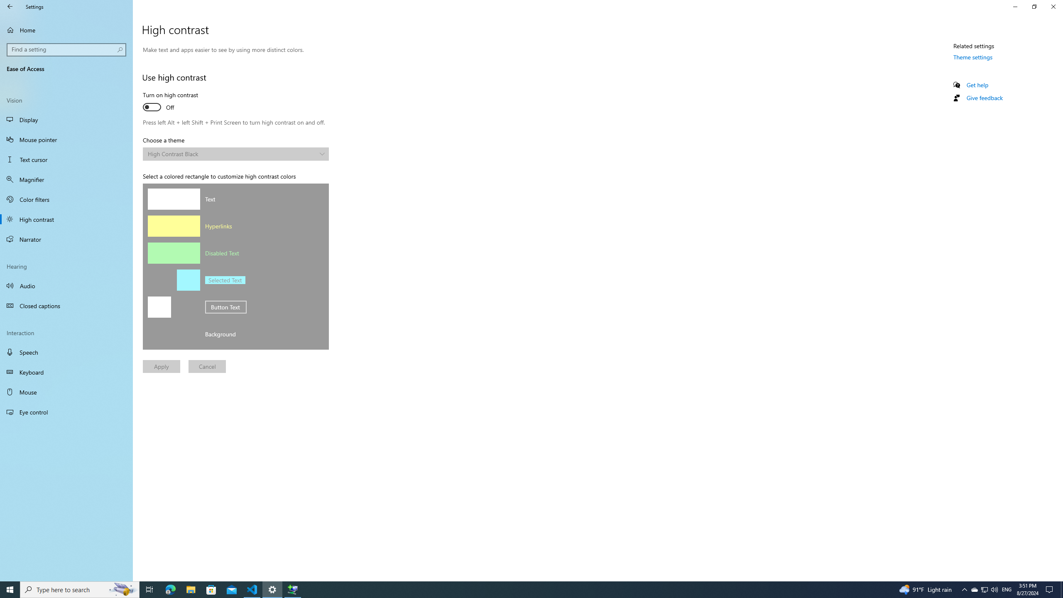 Image resolution: width=1063 pixels, height=598 pixels. Describe the element at coordinates (173, 102) in the screenshot. I see `'Turn on high contrast'` at that location.